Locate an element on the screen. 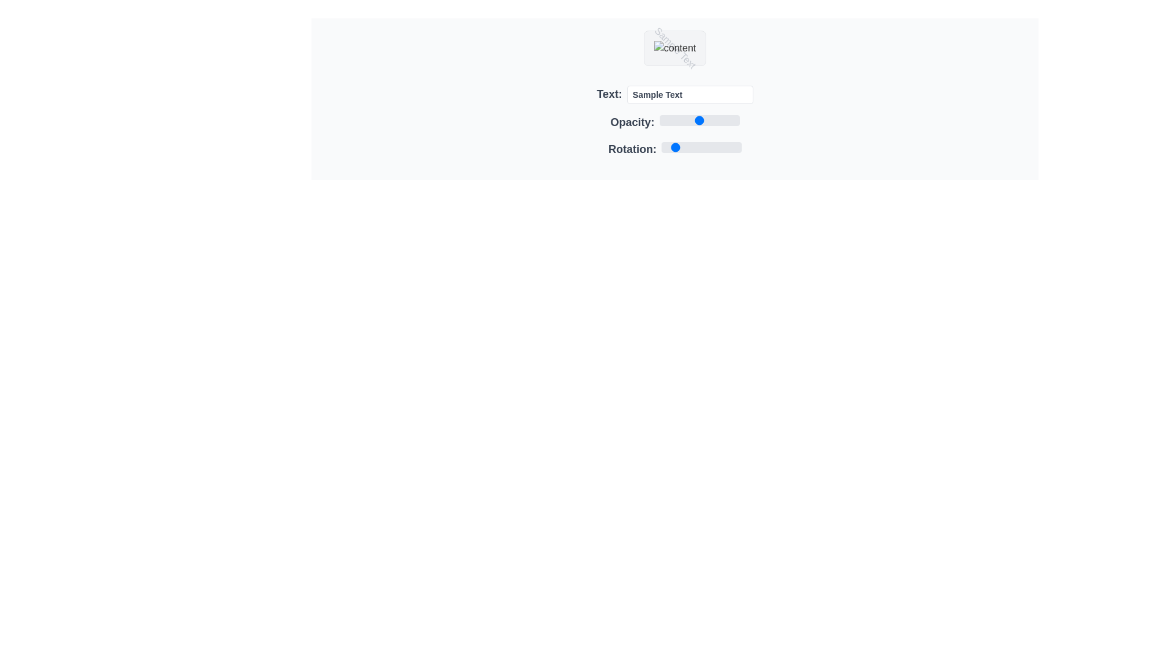 The width and height of the screenshot is (1175, 661). rotation is located at coordinates (672, 146).